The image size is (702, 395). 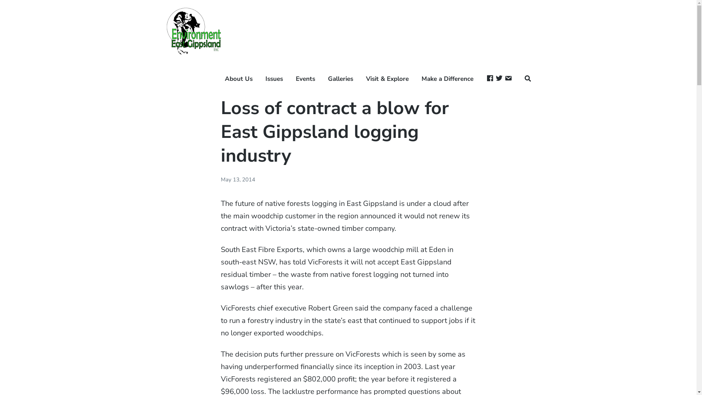 What do you see at coordinates (495, 79) in the screenshot?
I see `'Twitter'` at bounding box center [495, 79].